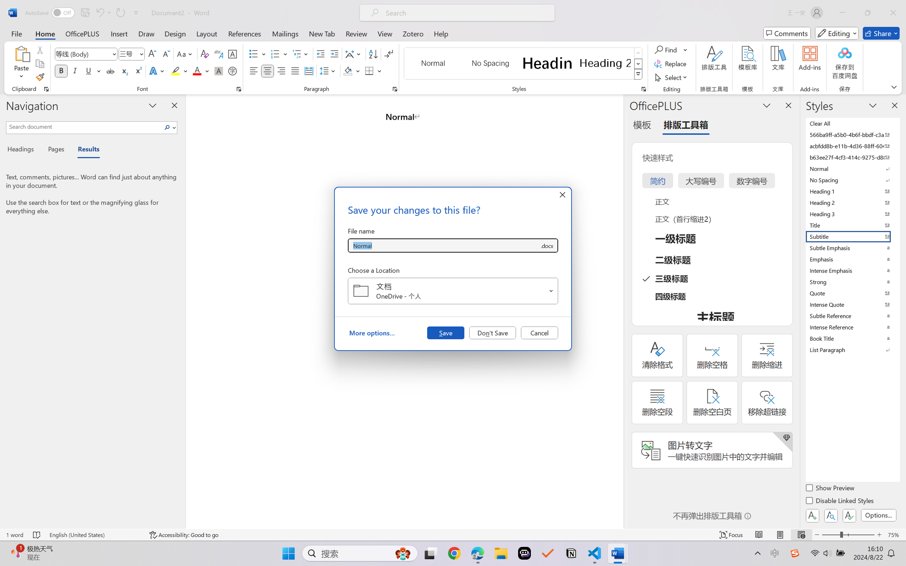 The image size is (906, 566). Describe the element at coordinates (61, 70) in the screenshot. I see `'Bold'` at that location.